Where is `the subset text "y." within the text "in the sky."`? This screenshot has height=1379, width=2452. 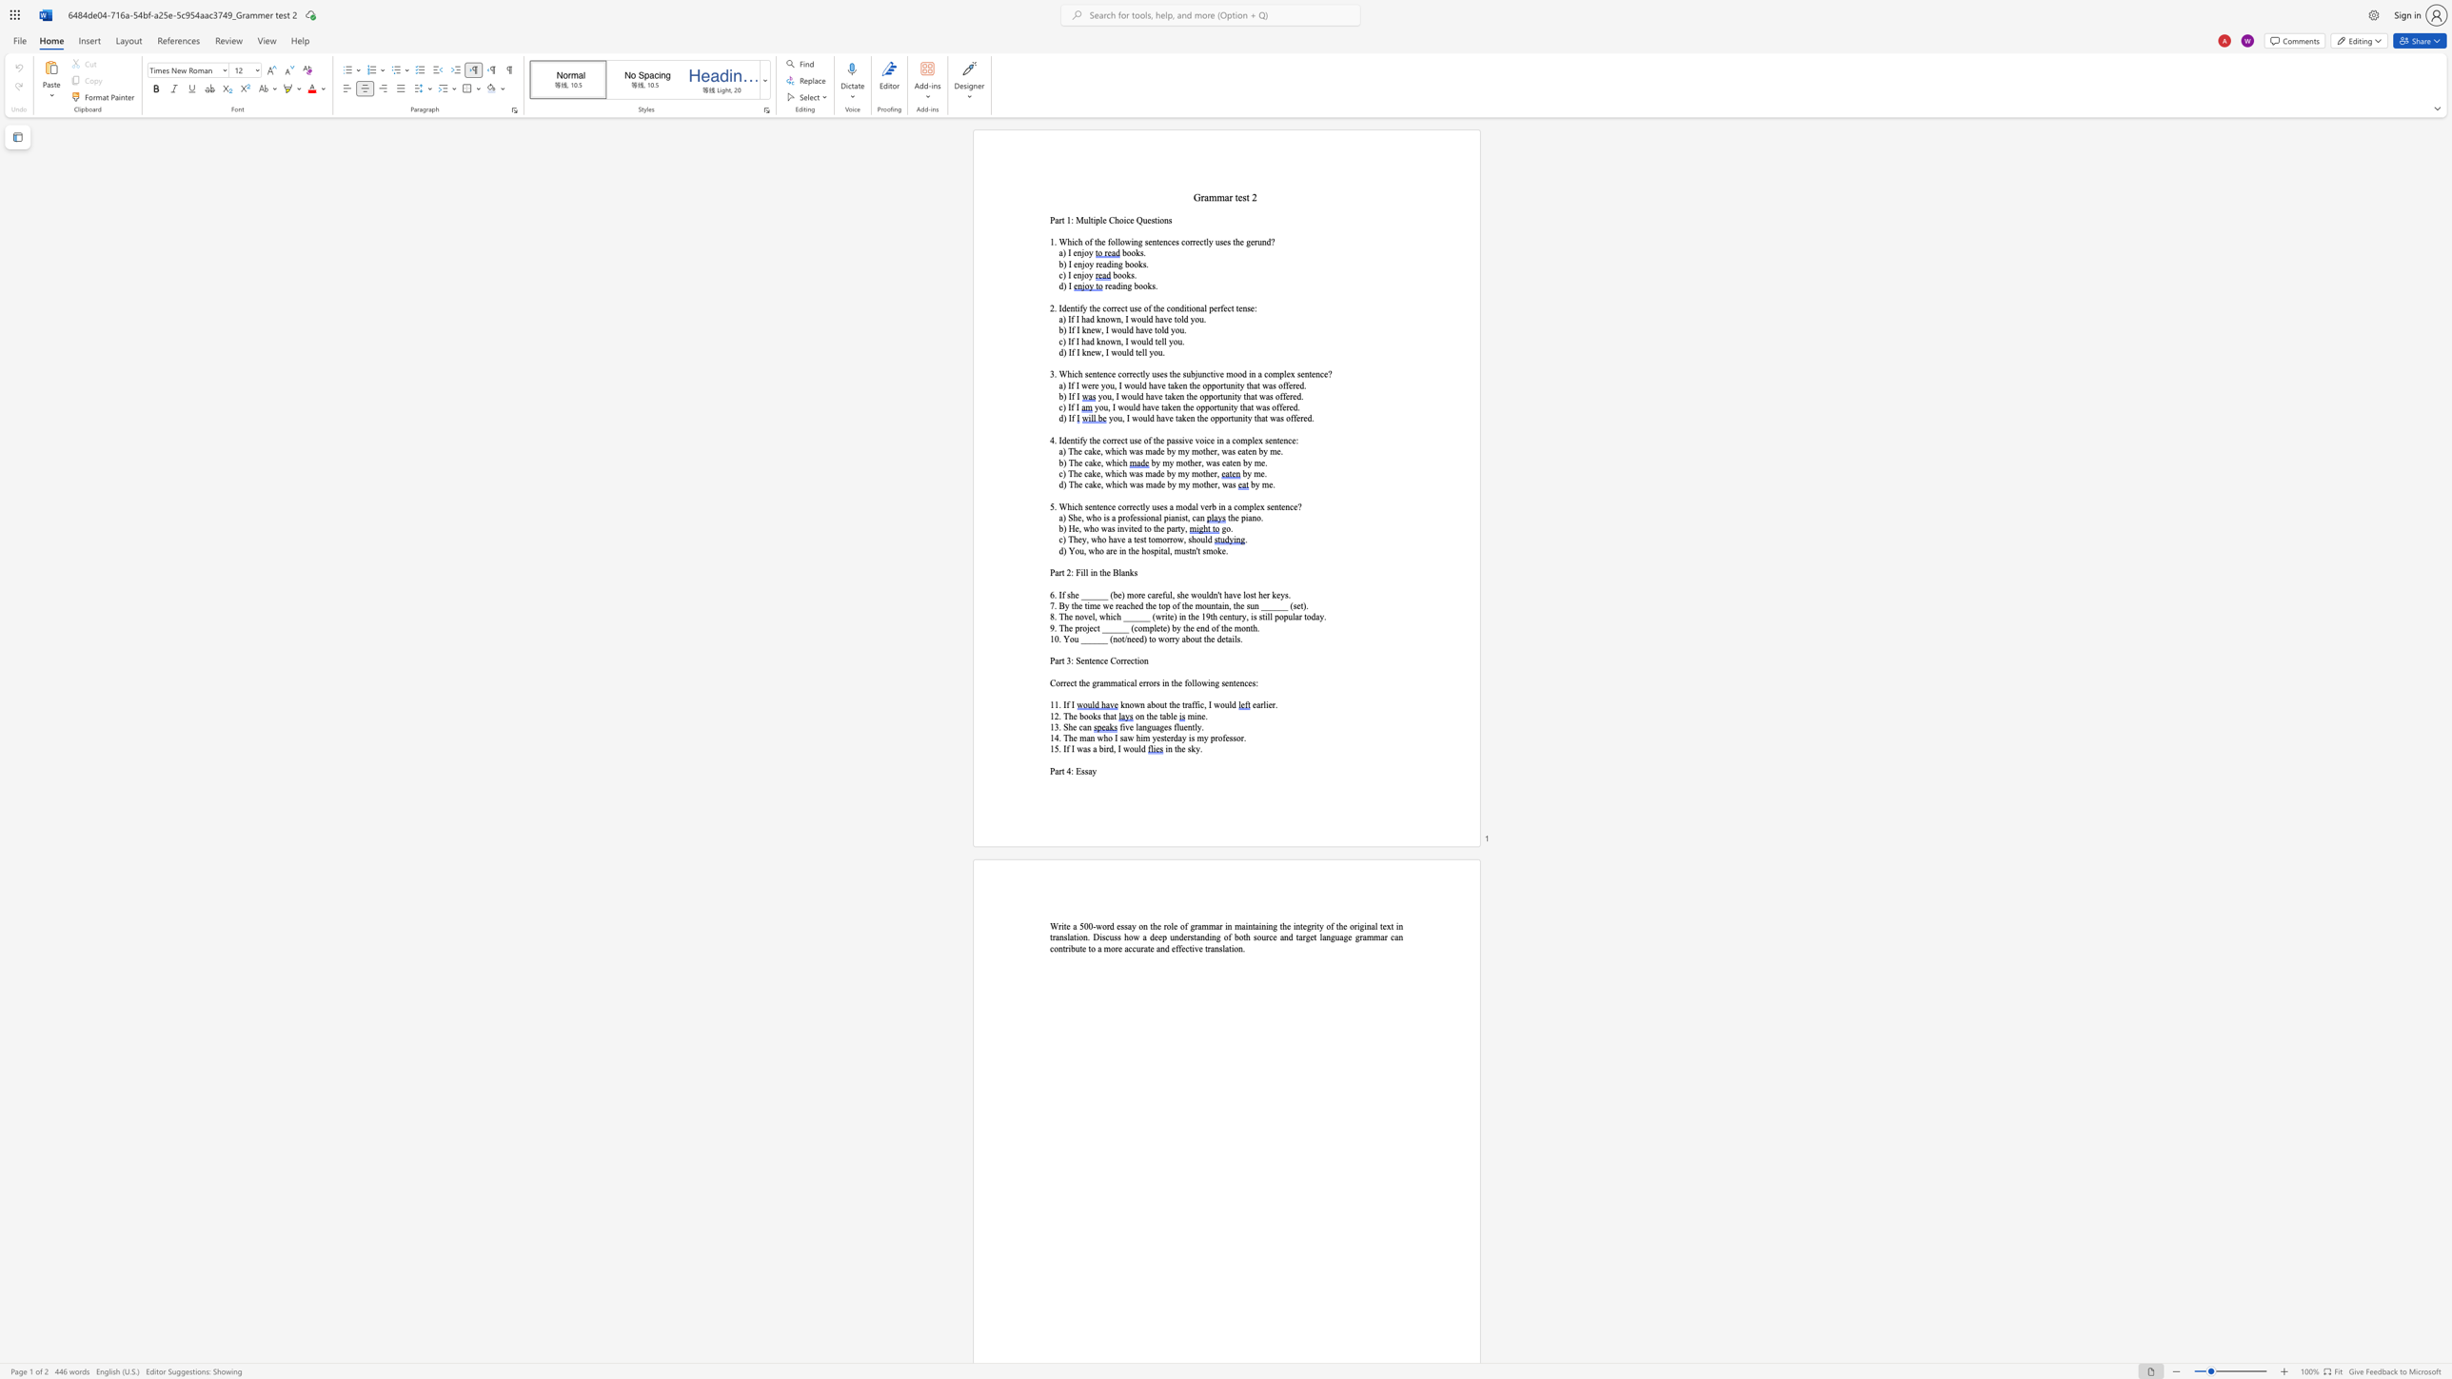 the subset text "y." within the text "in the sky." is located at coordinates (1194, 748).